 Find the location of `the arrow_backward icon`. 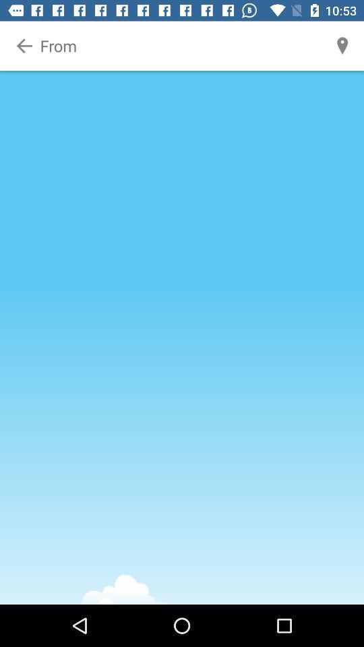

the arrow_backward icon is located at coordinates (24, 46).